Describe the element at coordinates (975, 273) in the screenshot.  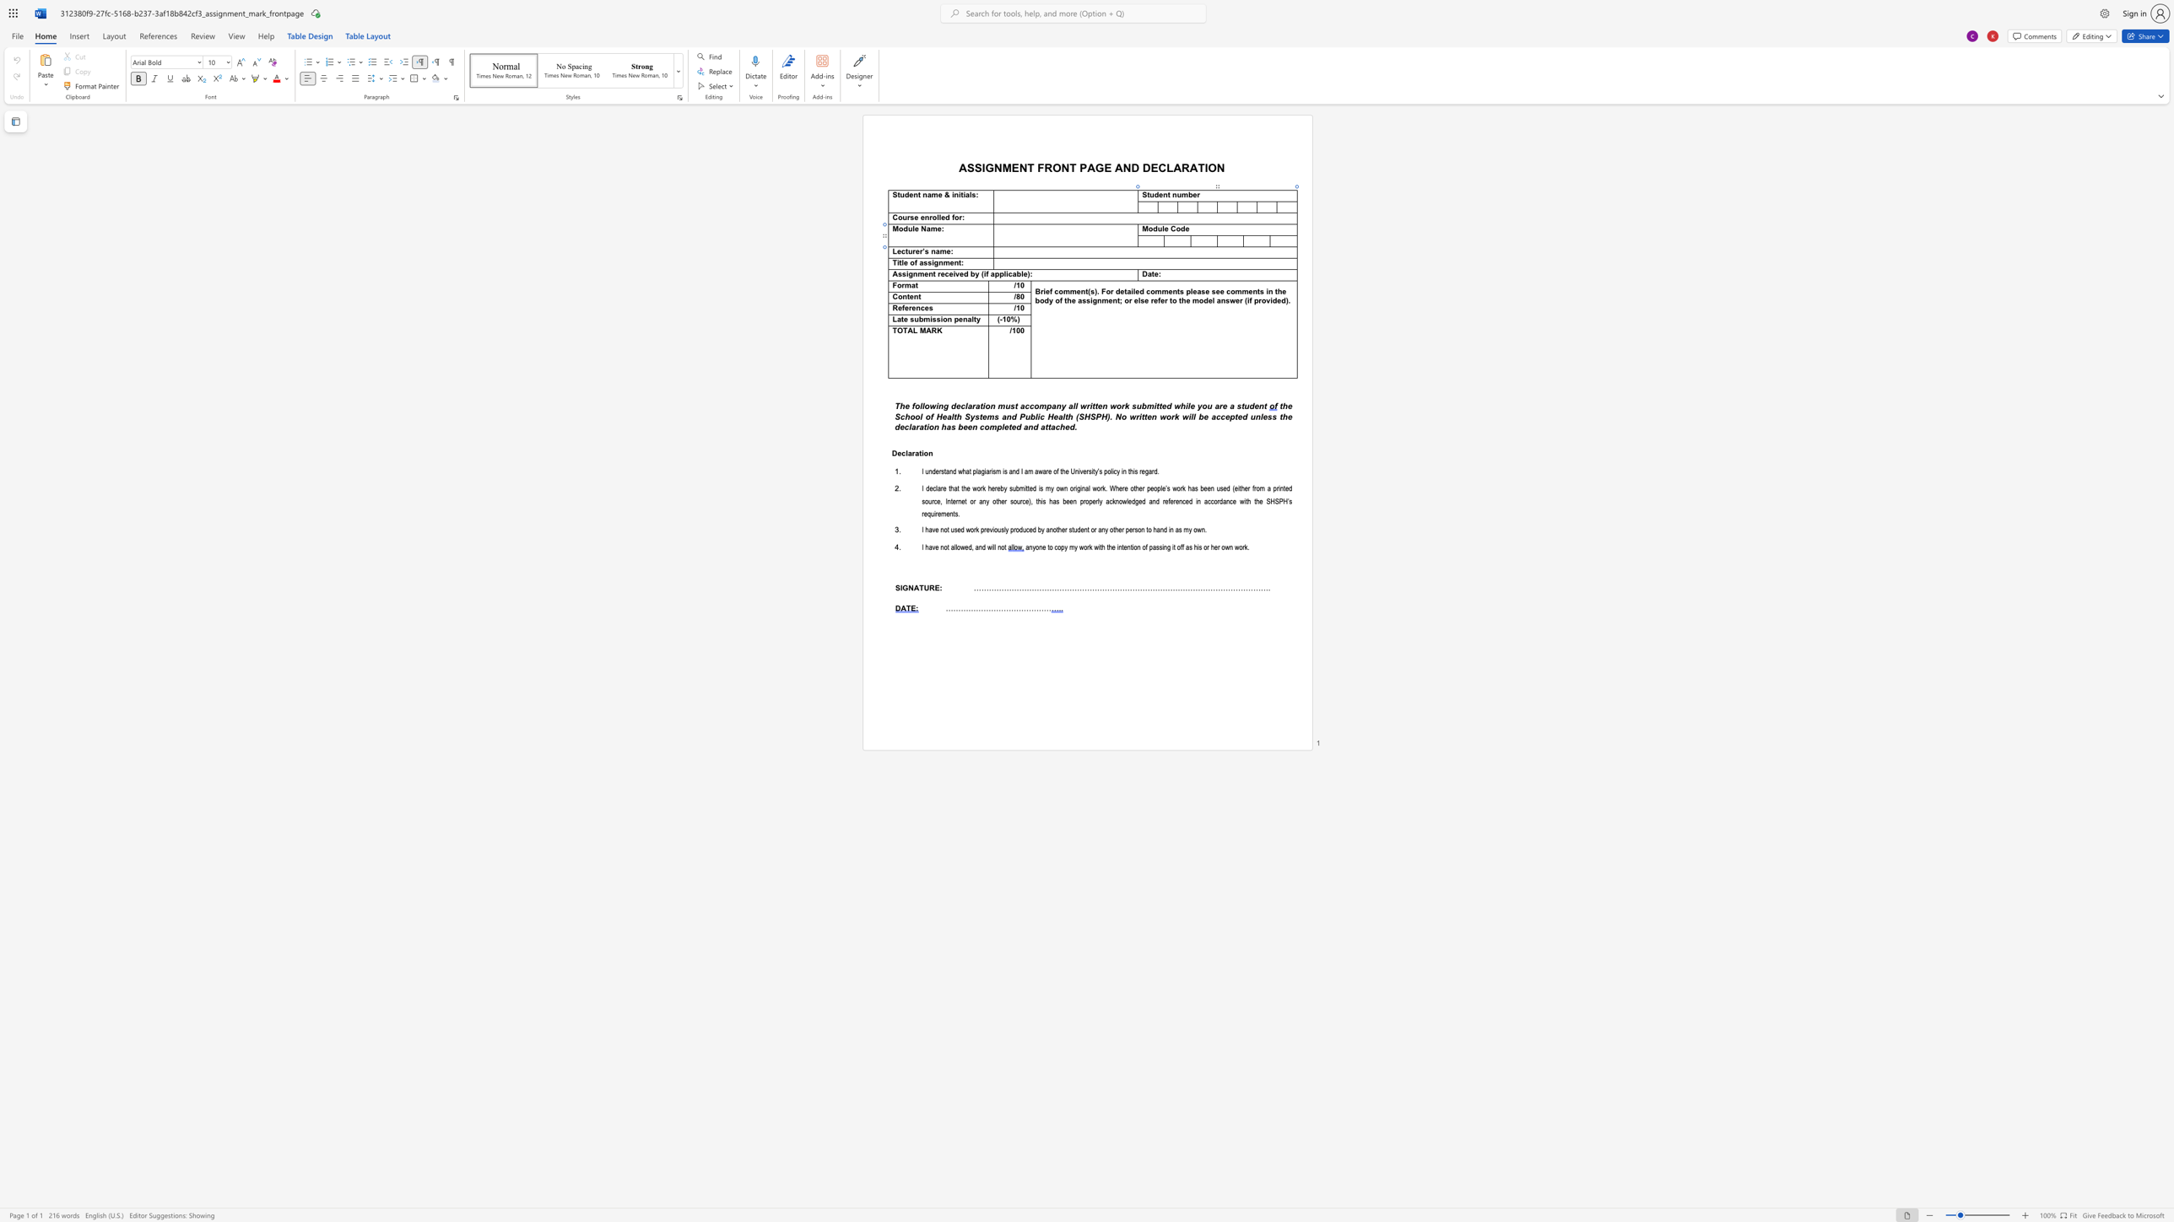
I see `the space between the continuous character "b" and "y" in the text` at that location.